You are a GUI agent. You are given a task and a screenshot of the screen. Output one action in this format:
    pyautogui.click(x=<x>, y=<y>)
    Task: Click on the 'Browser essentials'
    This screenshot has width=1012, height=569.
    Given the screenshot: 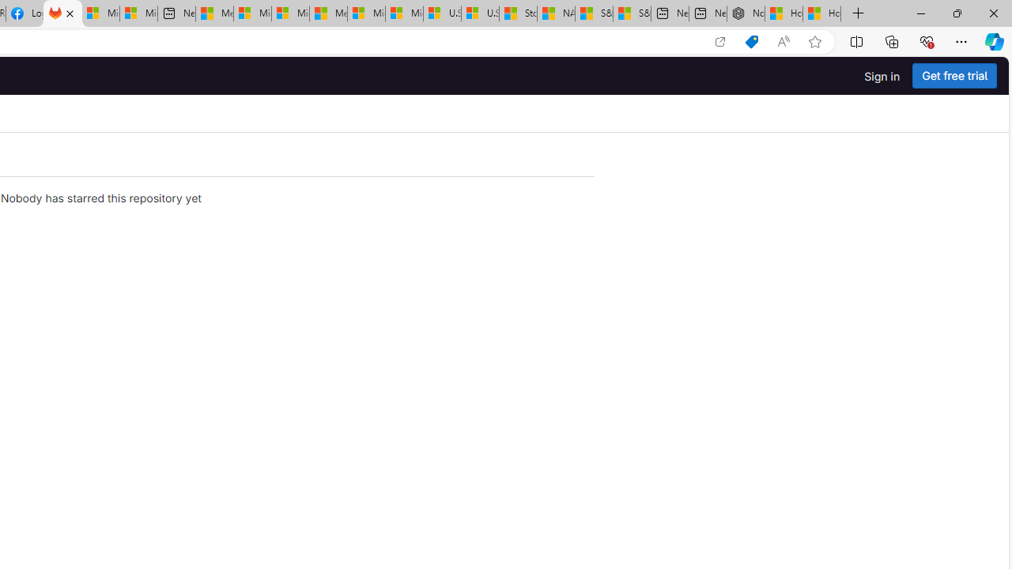 What is the action you would take?
    pyautogui.click(x=926, y=40)
    